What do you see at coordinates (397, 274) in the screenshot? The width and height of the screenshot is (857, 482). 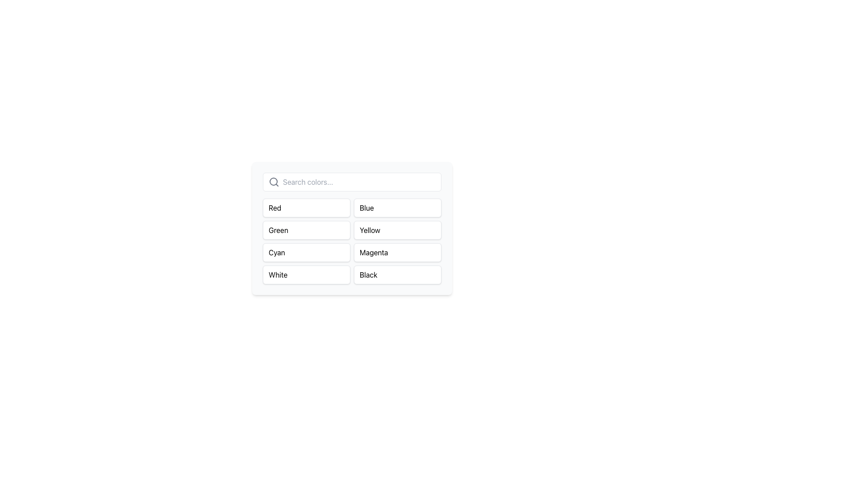 I see `the rectangular button labeled 'Black' located in the right column of the grid layout` at bounding box center [397, 274].